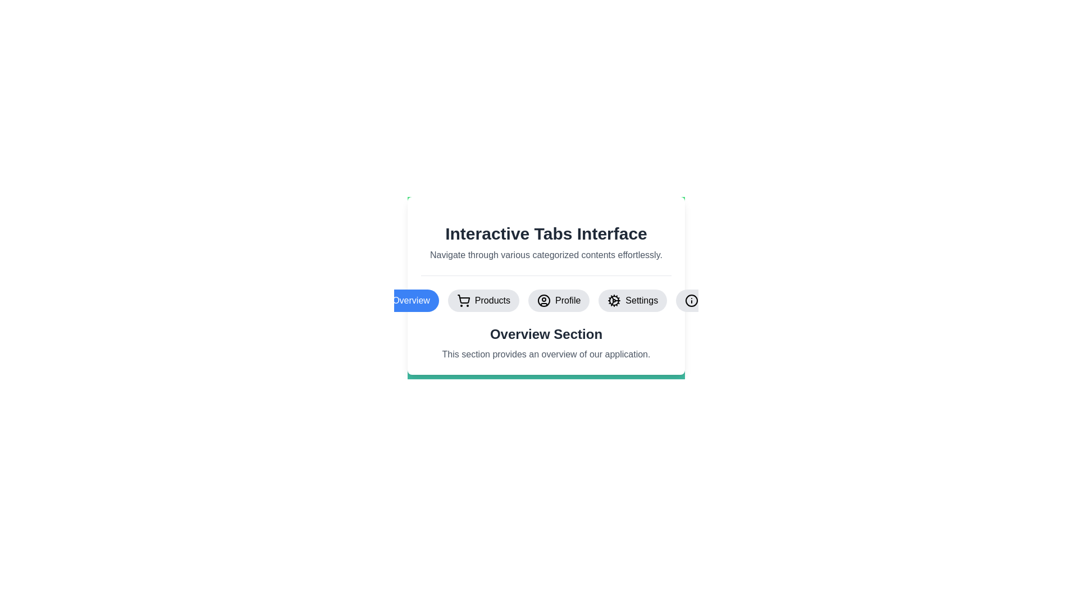 This screenshot has width=1078, height=606. Describe the element at coordinates (701, 300) in the screenshot. I see `the 'Info' button with rounded edges and a gray background, which is the last button in a row of similar buttons` at that location.